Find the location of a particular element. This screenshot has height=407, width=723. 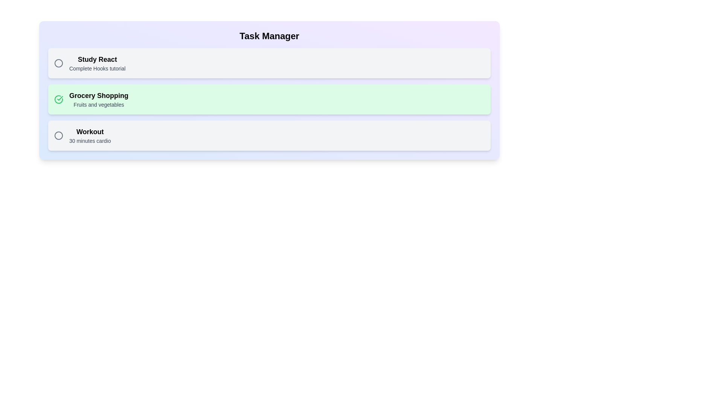

the Checkmark icon representing the completion of the 'Grocery Shopping' task, which is a decorative SVG element located within a circular icon is located at coordinates (59, 98).